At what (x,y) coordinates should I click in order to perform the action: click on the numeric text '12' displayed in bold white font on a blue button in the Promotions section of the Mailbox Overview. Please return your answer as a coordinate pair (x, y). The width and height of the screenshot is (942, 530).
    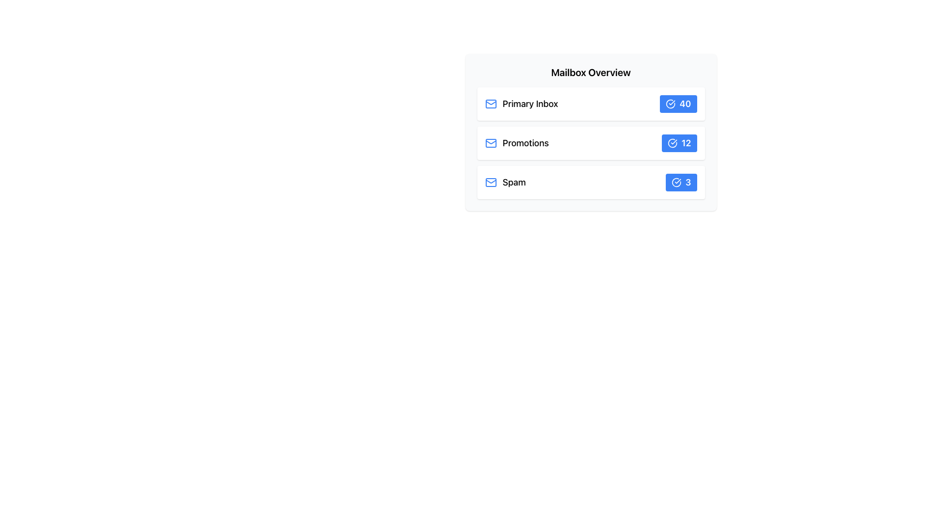
    Looking at the image, I should click on (685, 143).